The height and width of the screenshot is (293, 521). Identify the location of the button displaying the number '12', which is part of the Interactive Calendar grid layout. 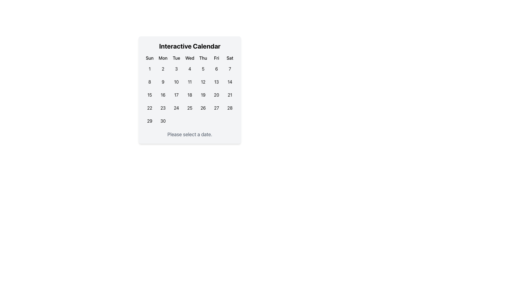
(203, 82).